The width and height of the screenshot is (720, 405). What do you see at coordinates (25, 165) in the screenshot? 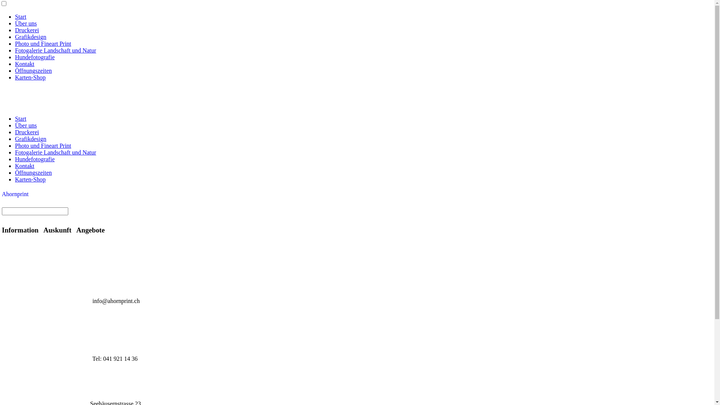
I see `'Kontakt'` at bounding box center [25, 165].